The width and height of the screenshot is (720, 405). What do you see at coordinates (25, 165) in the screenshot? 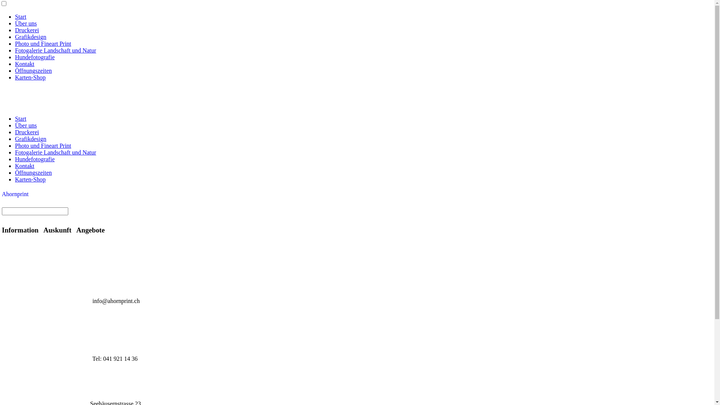
I see `'Kontakt'` at bounding box center [25, 165].